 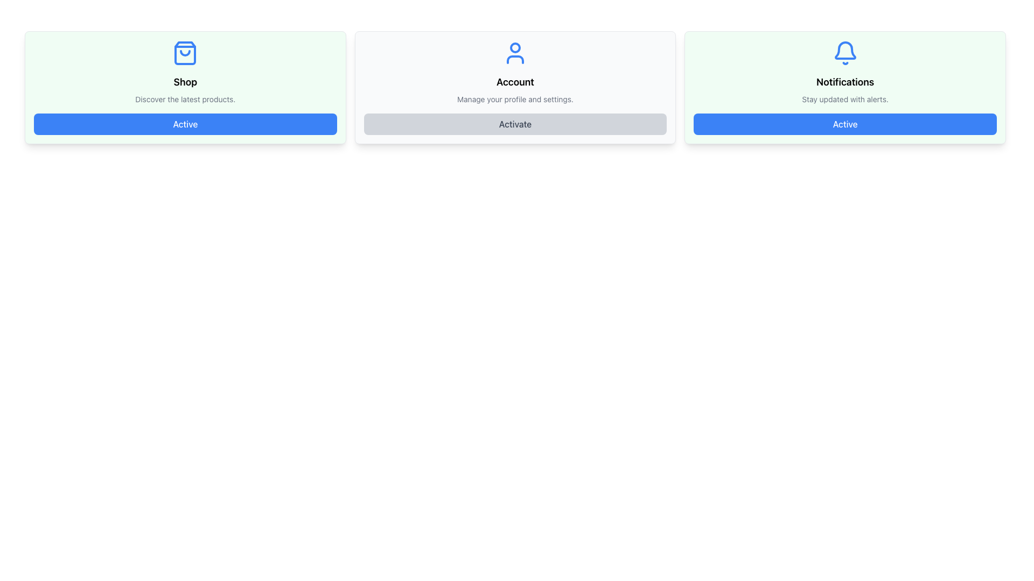 What do you see at coordinates (185, 53) in the screenshot?
I see `the 'Shop' icon located at the top-left section of the 'Shop' card, which is the first card among three horizontally aligned cards` at bounding box center [185, 53].